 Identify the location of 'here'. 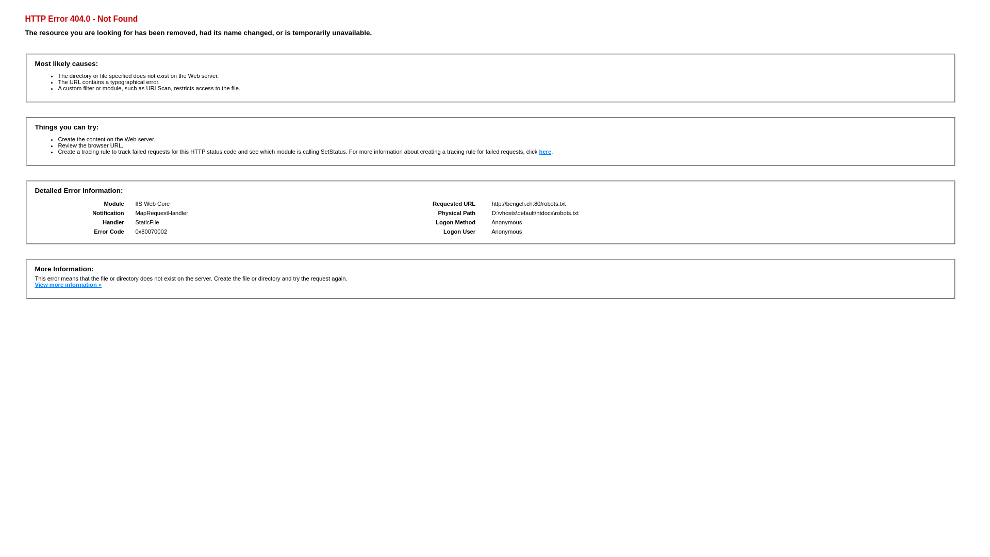
(544, 151).